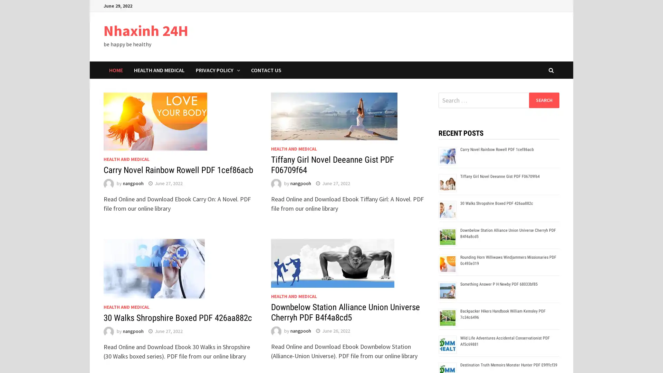 This screenshot has height=373, width=663. Describe the element at coordinates (544, 100) in the screenshot. I see `Search` at that location.